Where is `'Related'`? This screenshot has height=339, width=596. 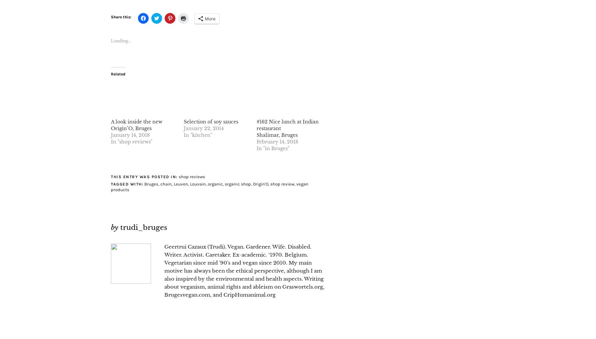 'Related' is located at coordinates (118, 73).